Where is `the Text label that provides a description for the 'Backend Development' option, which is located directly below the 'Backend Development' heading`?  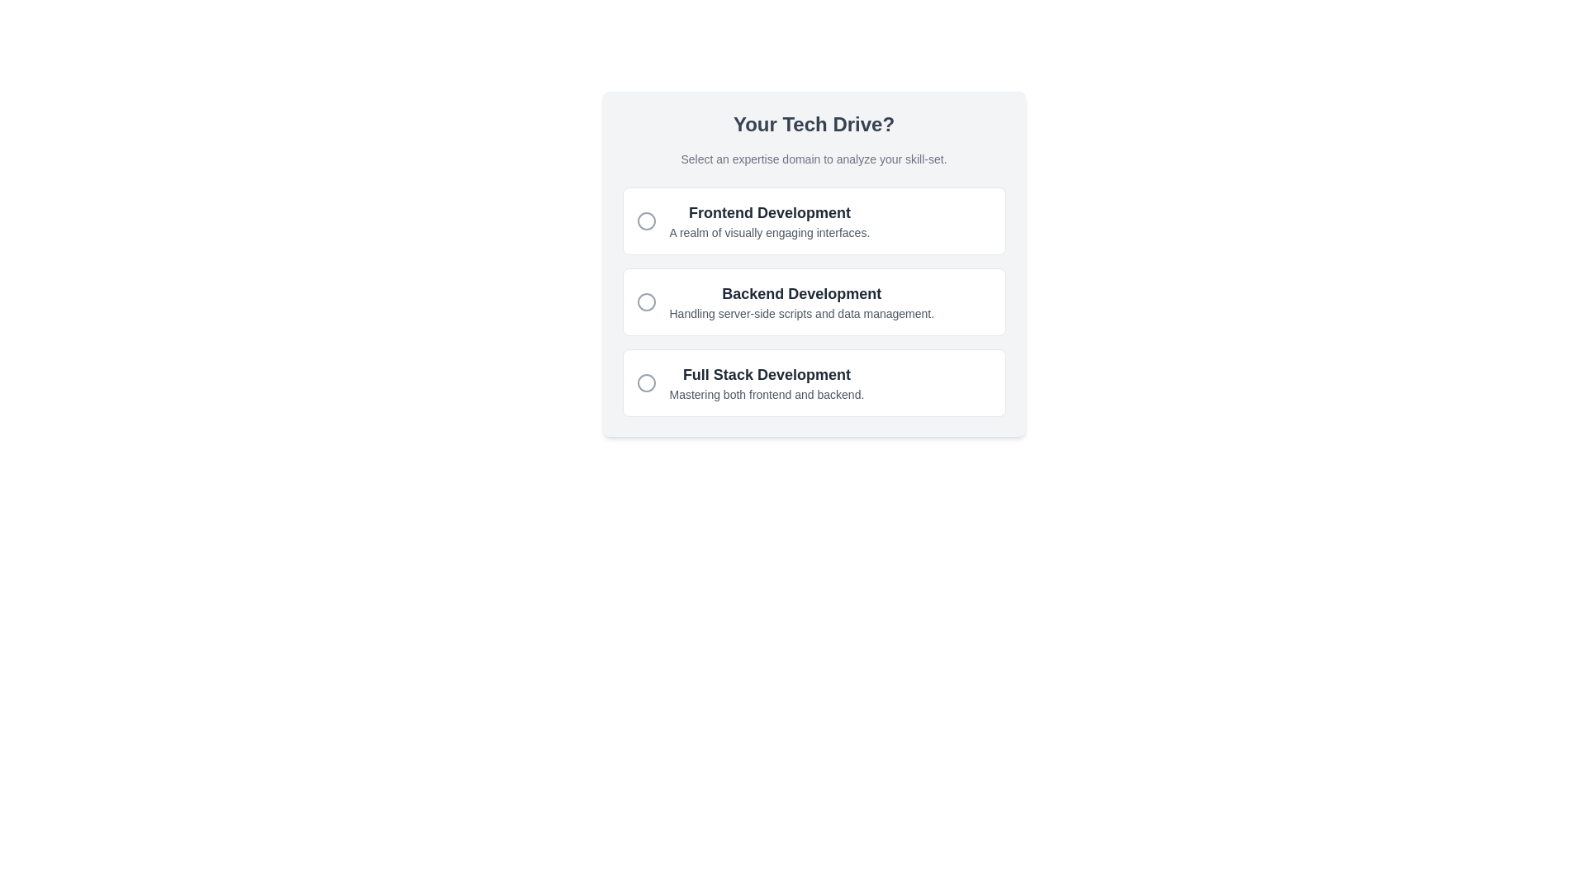 the Text label that provides a description for the 'Backend Development' option, which is located directly below the 'Backend Development' heading is located at coordinates (801, 314).